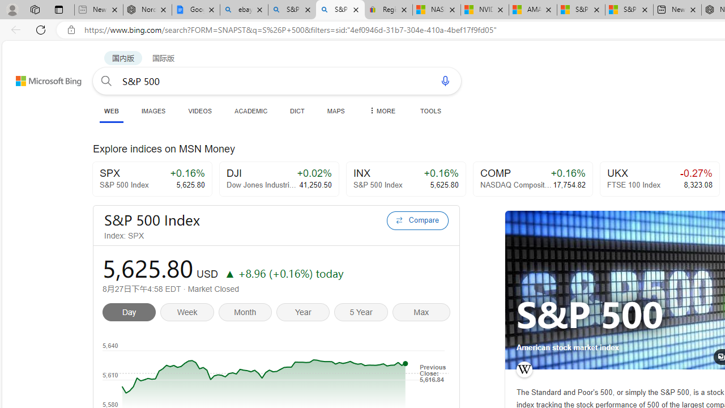 The image size is (725, 408). Describe the element at coordinates (112, 110) in the screenshot. I see `'WEB'` at that location.